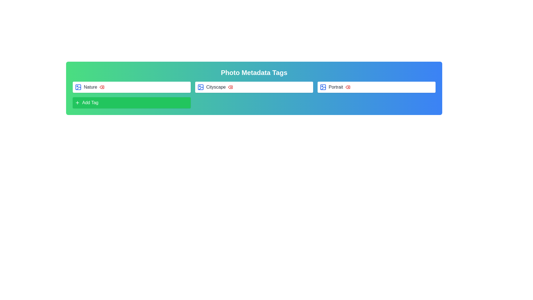 Image resolution: width=533 pixels, height=300 pixels. Describe the element at coordinates (102, 87) in the screenshot. I see `the delete icon button located to the right of the 'Nature' tag` at that location.